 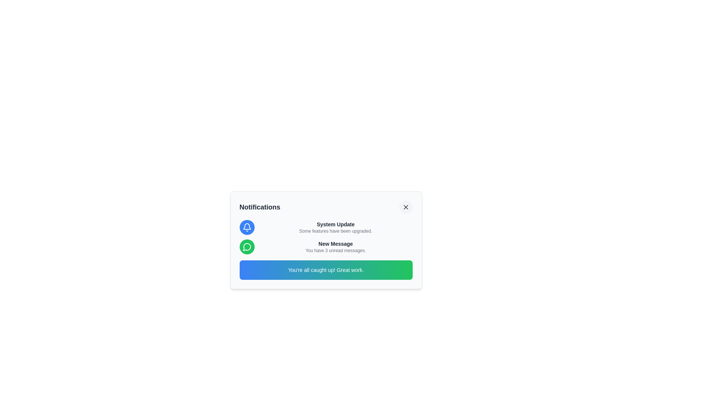 What do you see at coordinates (326, 270) in the screenshot?
I see `the Informational Message Box located at the bottommost position inside the card-layout structure titled 'Notifications', which indicates that no further action is necessary` at bounding box center [326, 270].